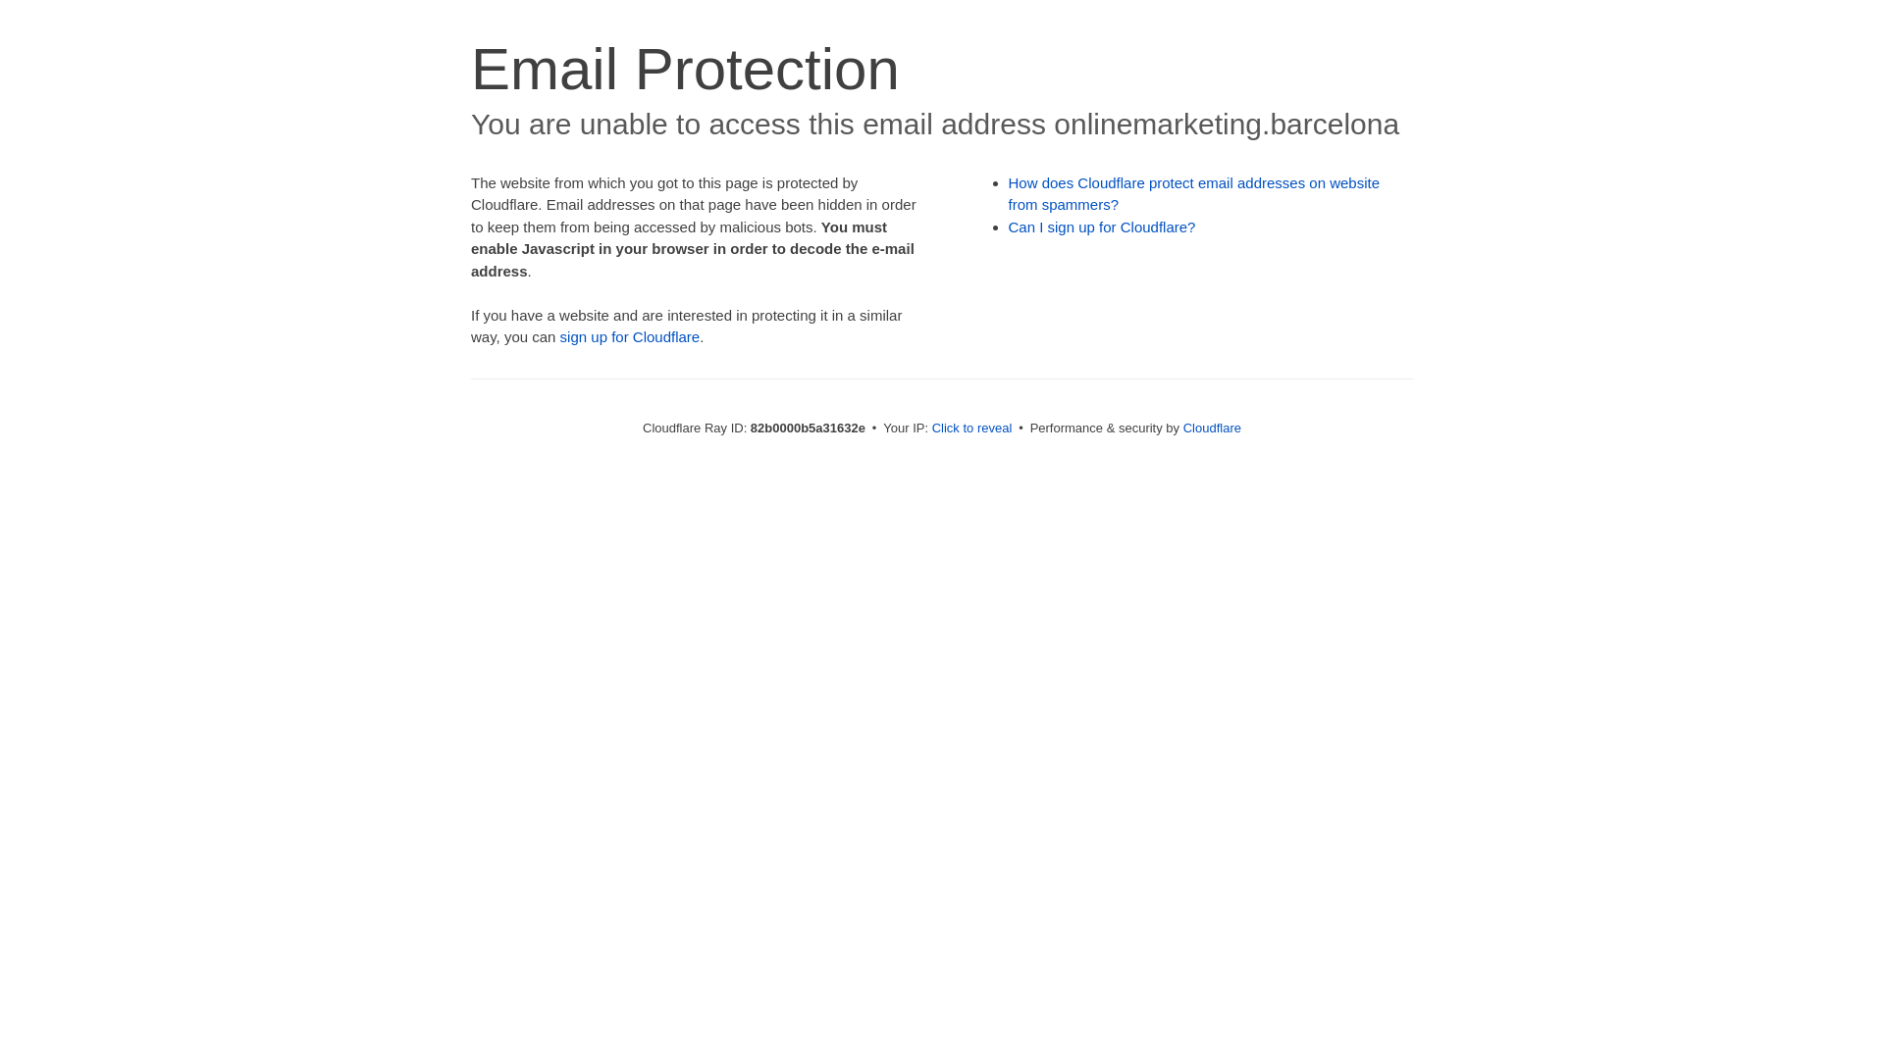 The width and height of the screenshot is (1884, 1059). I want to click on 'Can I sign up for Cloudflare?', so click(1102, 226).